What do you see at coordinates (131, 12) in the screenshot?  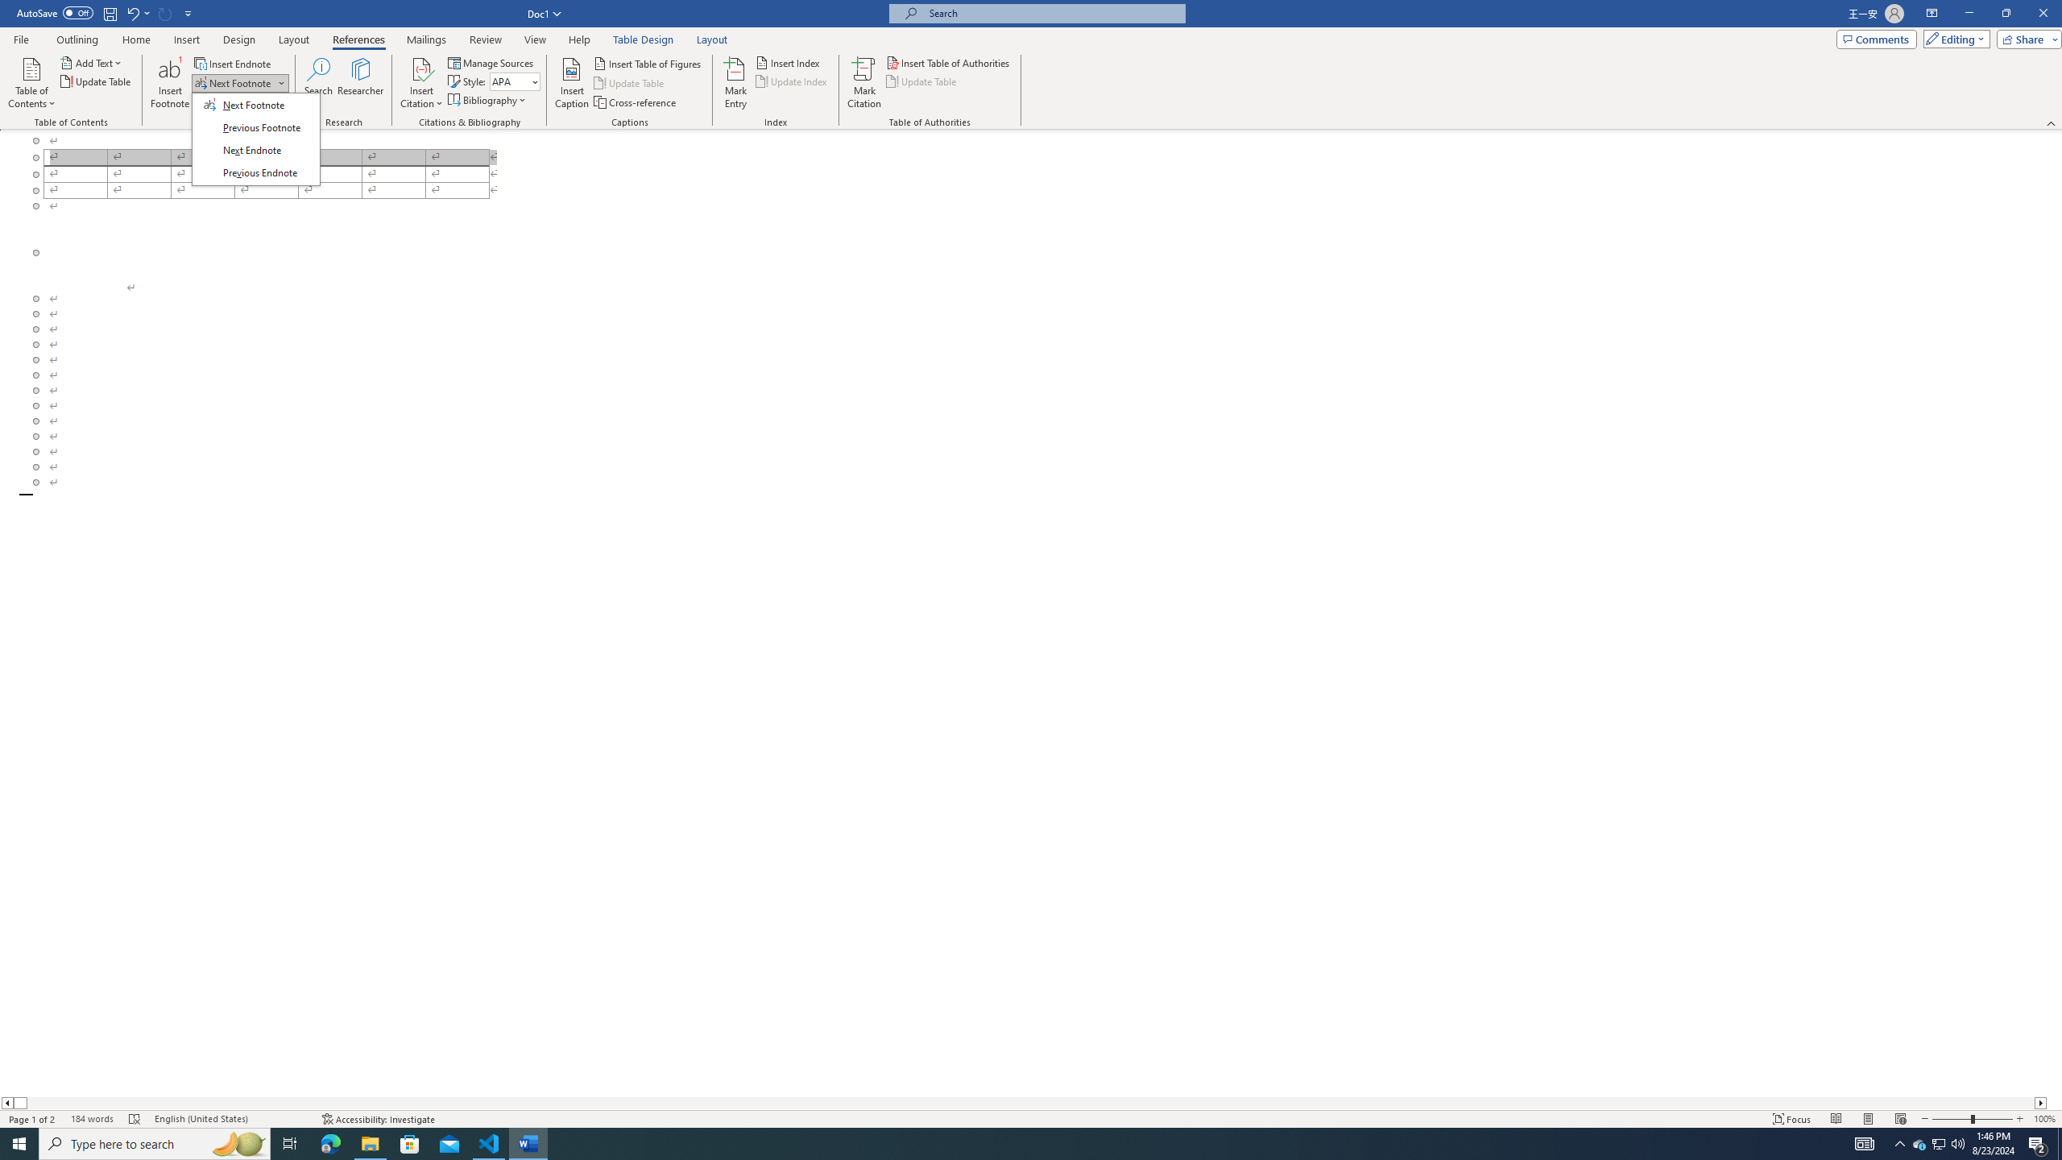 I see `'Undo Outline Move Up'` at bounding box center [131, 12].